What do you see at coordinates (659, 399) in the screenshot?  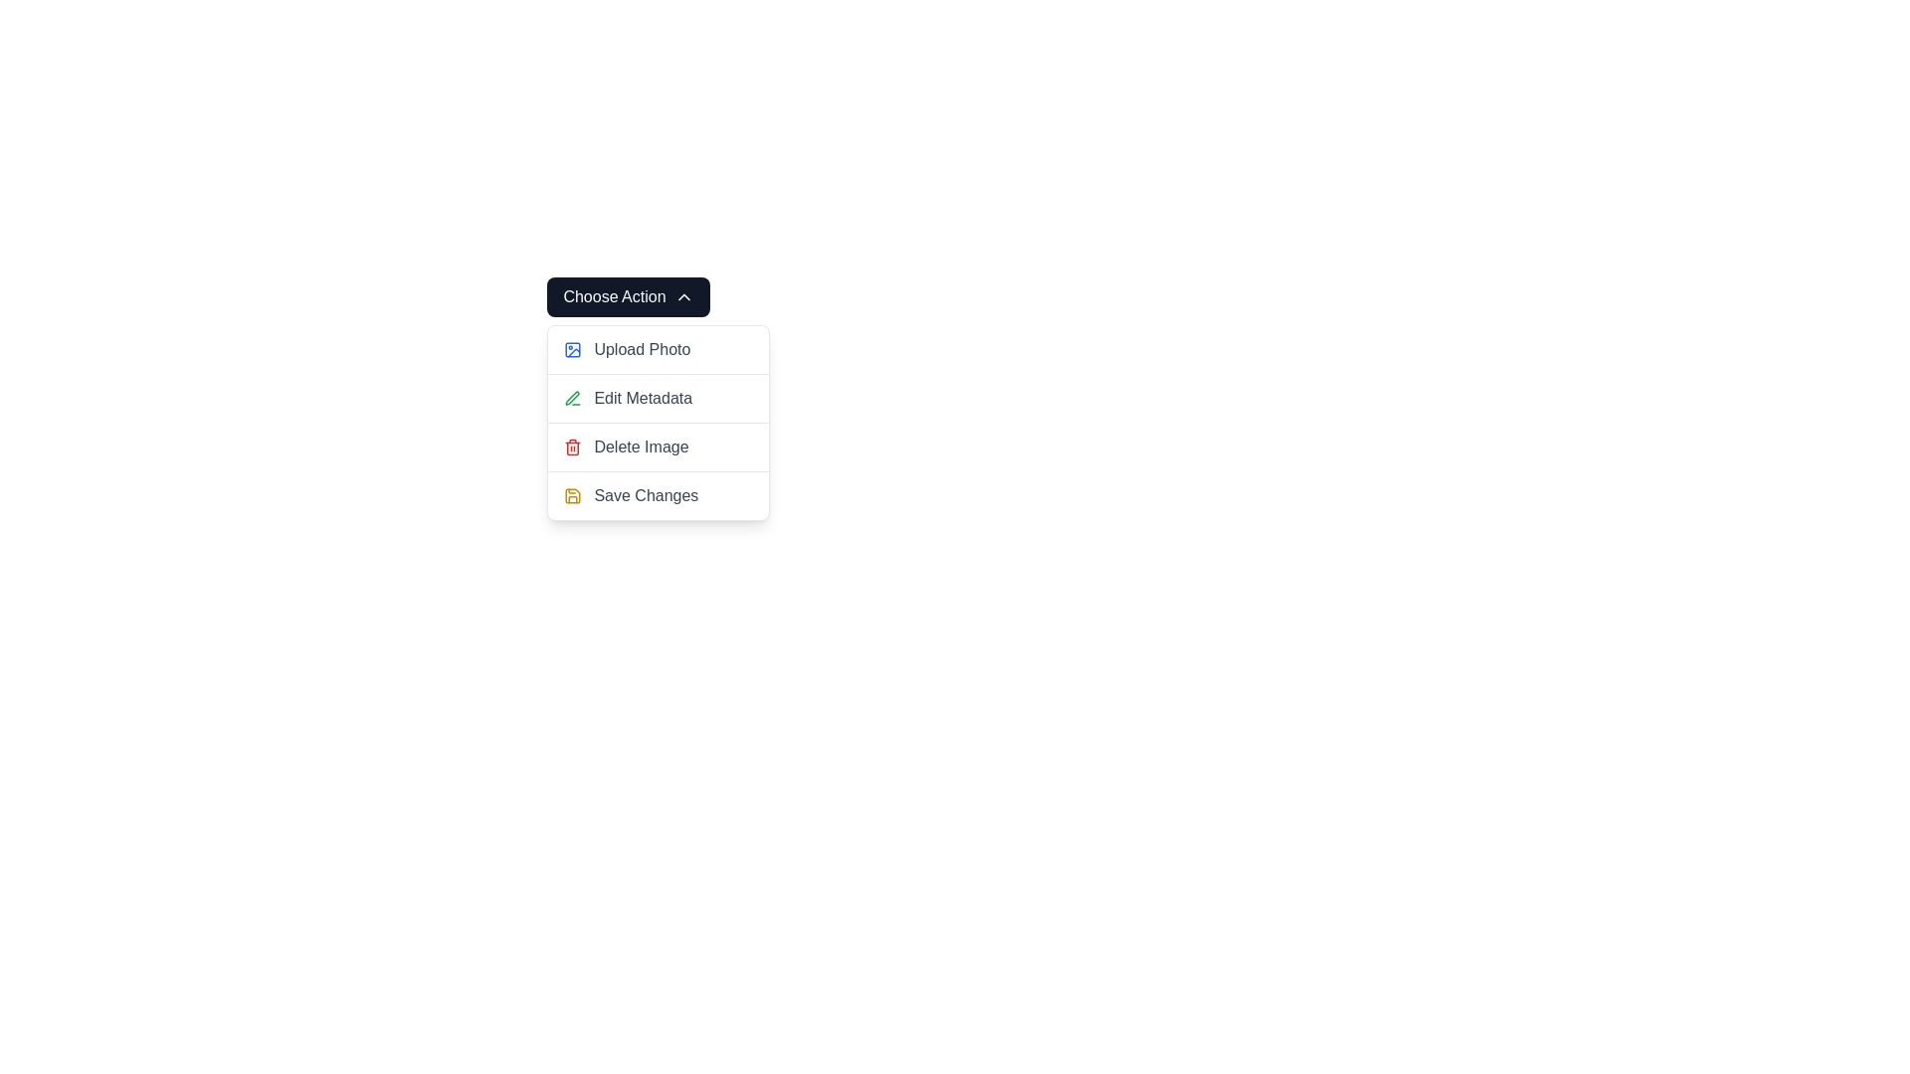 I see `the 'Edit Metadata' button with a pen icon` at bounding box center [659, 399].